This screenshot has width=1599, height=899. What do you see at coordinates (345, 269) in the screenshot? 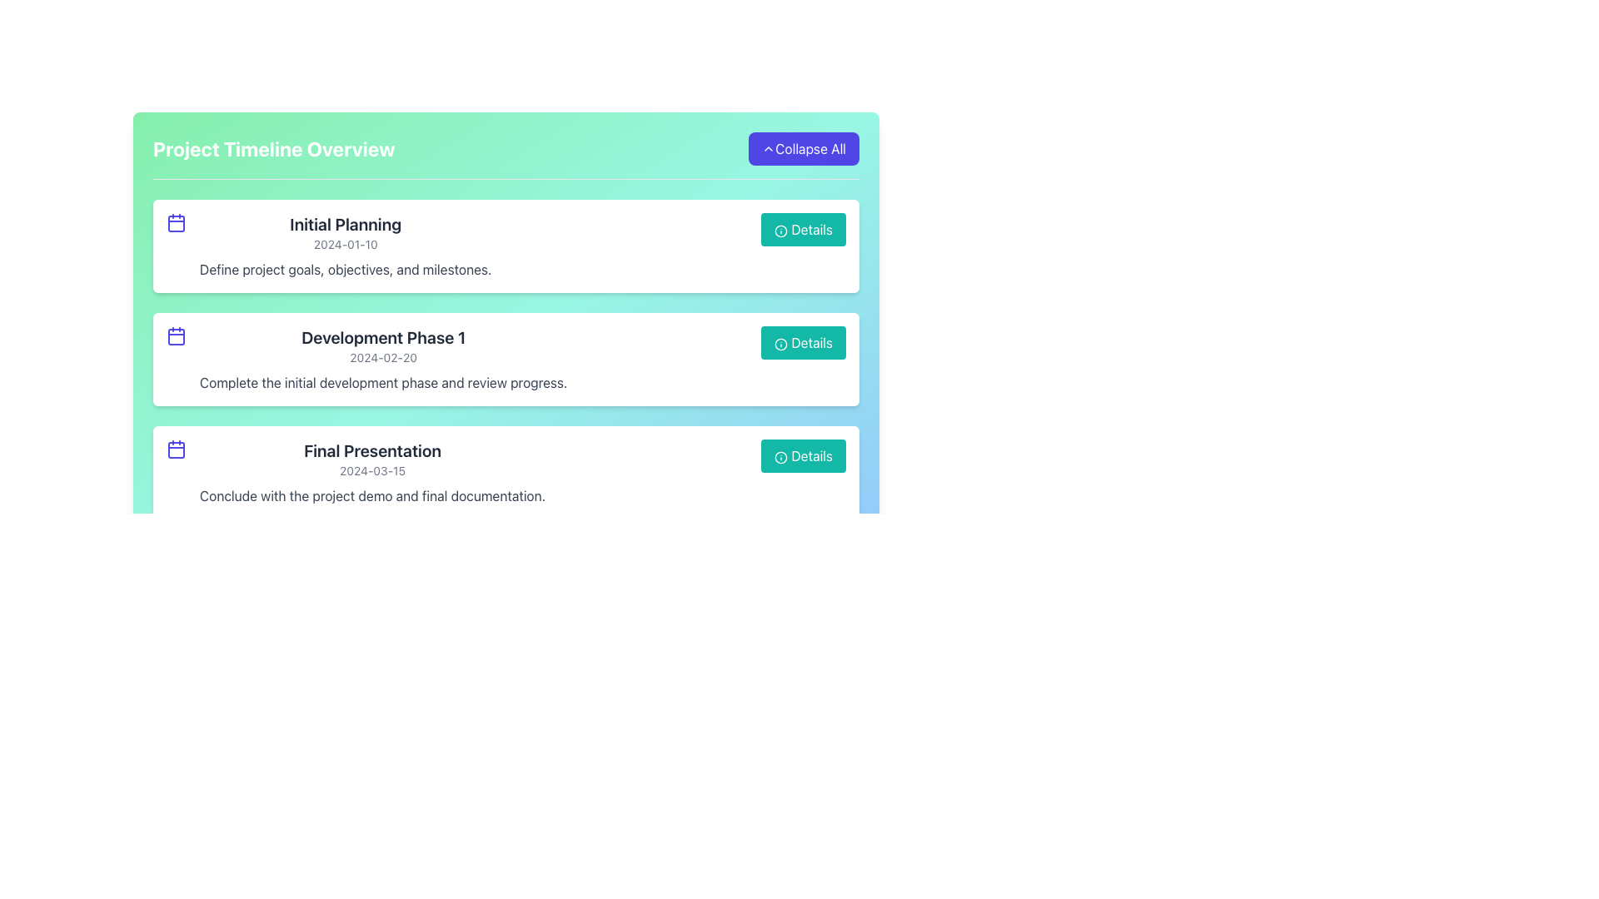
I see `the small gray text located under the main title and date in the 'Initial Planning' card of the timeline component` at bounding box center [345, 269].